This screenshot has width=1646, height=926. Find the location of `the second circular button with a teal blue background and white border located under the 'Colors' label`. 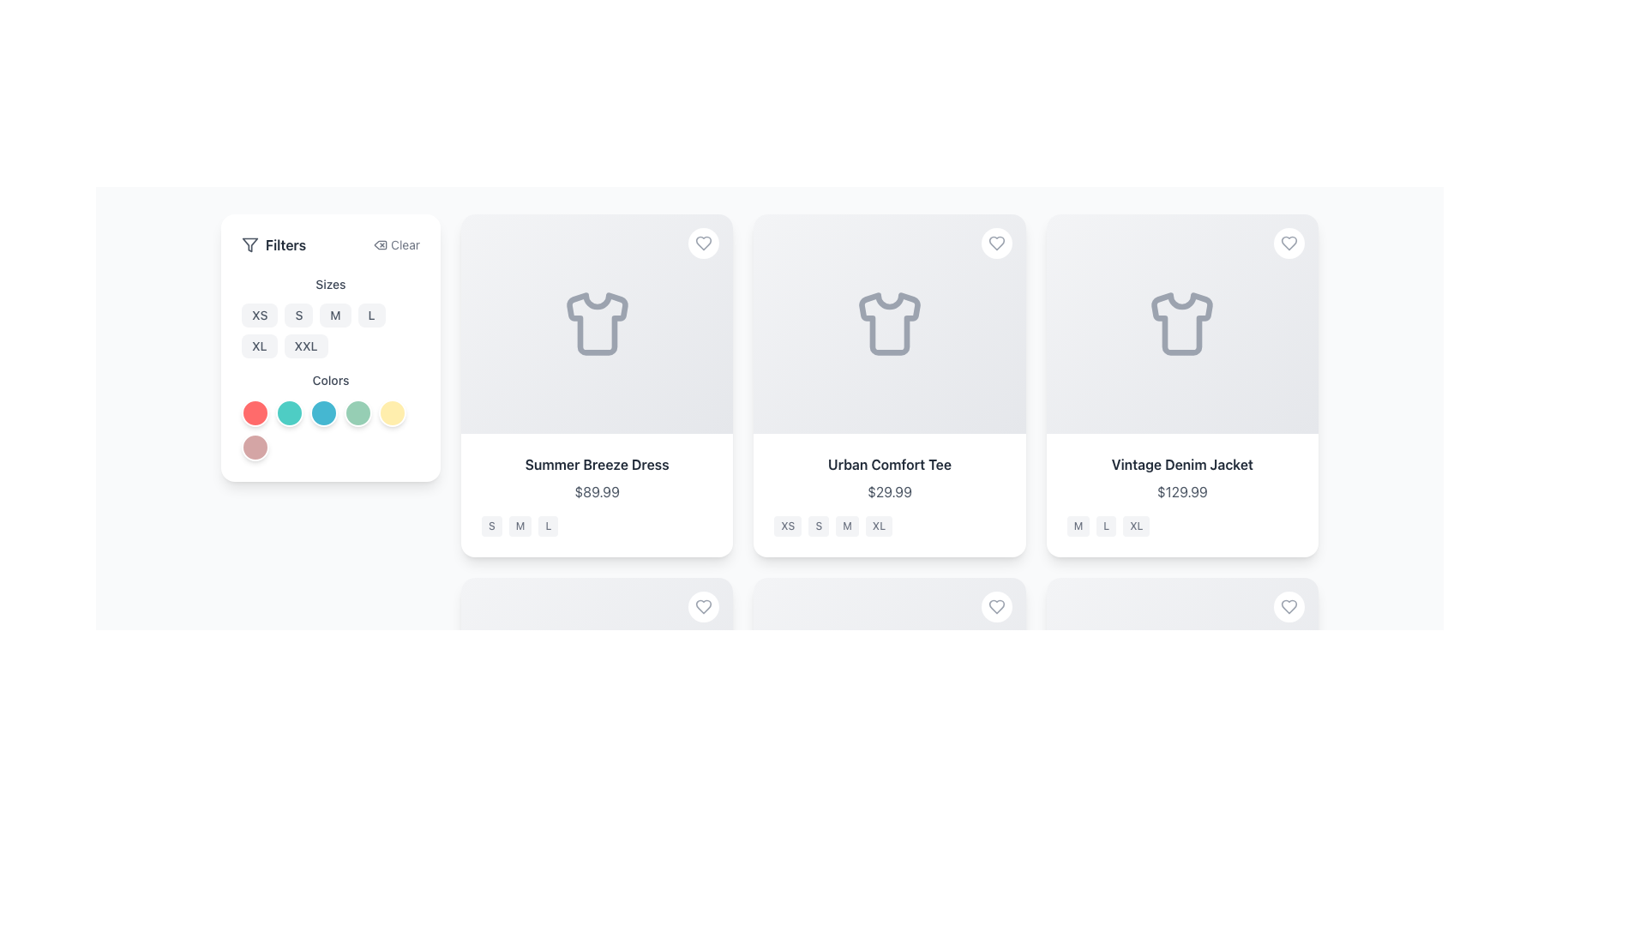

the second circular button with a teal blue background and white border located under the 'Colors' label is located at coordinates (289, 413).